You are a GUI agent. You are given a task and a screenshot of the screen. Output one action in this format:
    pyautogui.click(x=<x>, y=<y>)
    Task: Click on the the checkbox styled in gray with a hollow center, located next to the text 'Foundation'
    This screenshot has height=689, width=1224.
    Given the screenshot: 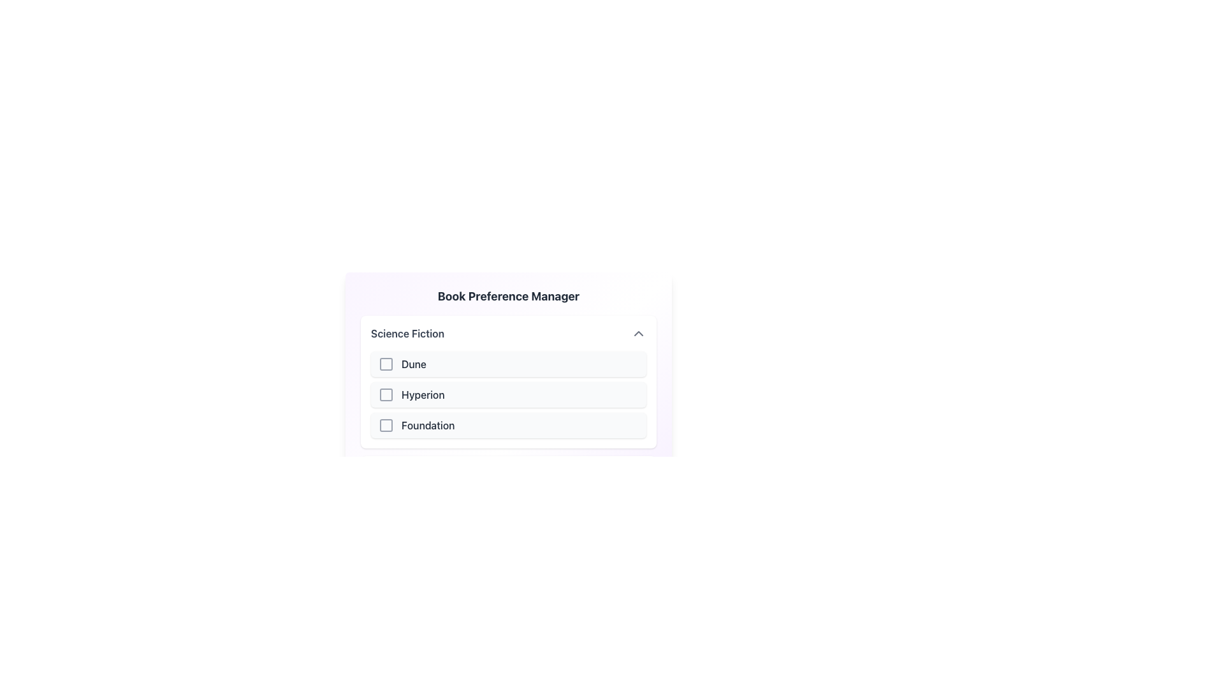 What is the action you would take?
    pyautogui.click(x=385, y=426)
    